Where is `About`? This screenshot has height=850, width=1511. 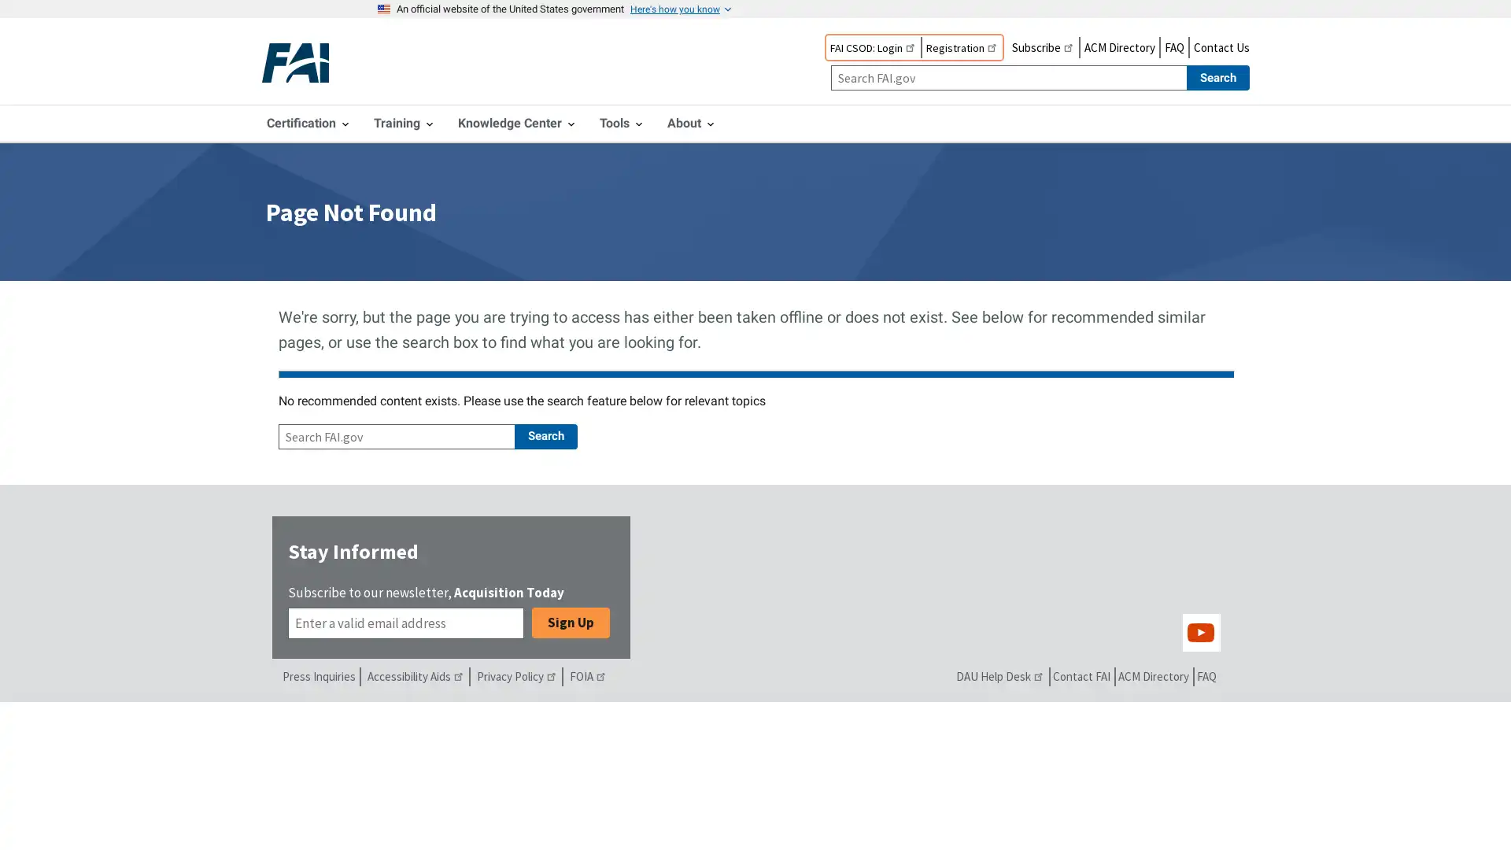 About is located at coordinates (689, 122).